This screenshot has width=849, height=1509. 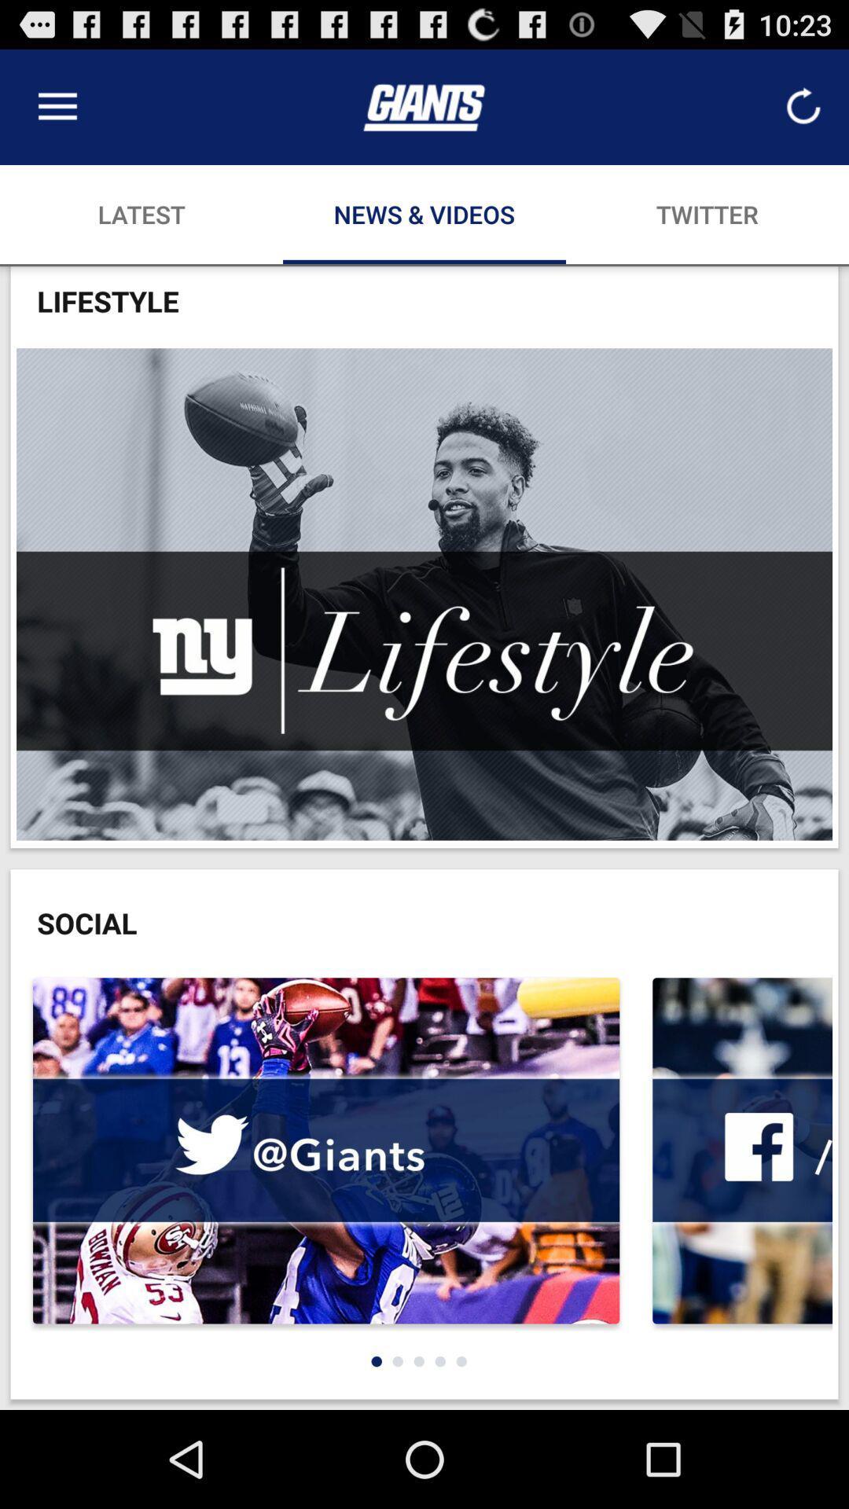 What do you see at coordinates (57, 106) in the screenshot?
I see `the item above latest` at bounding box center [57, 106].